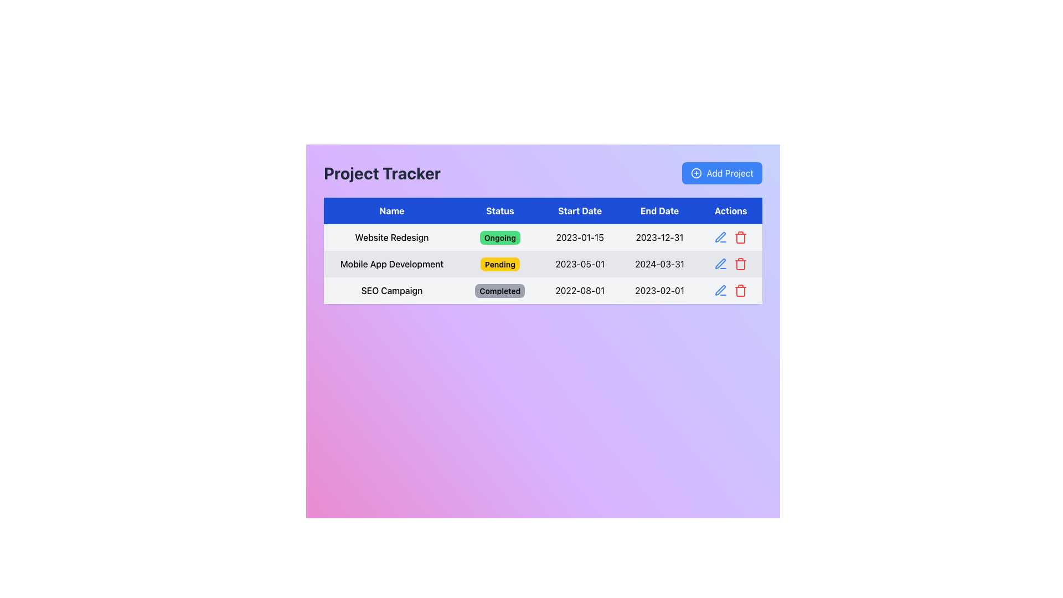 The height and width of the screenshot is (598, 1063). What do you see at coordinates (391, 264) in the screenshot?
I see `the text label 'Mobile App Development' located in the second row of the project tracking table under the 'Name' column` at bounding box center [391, 264].